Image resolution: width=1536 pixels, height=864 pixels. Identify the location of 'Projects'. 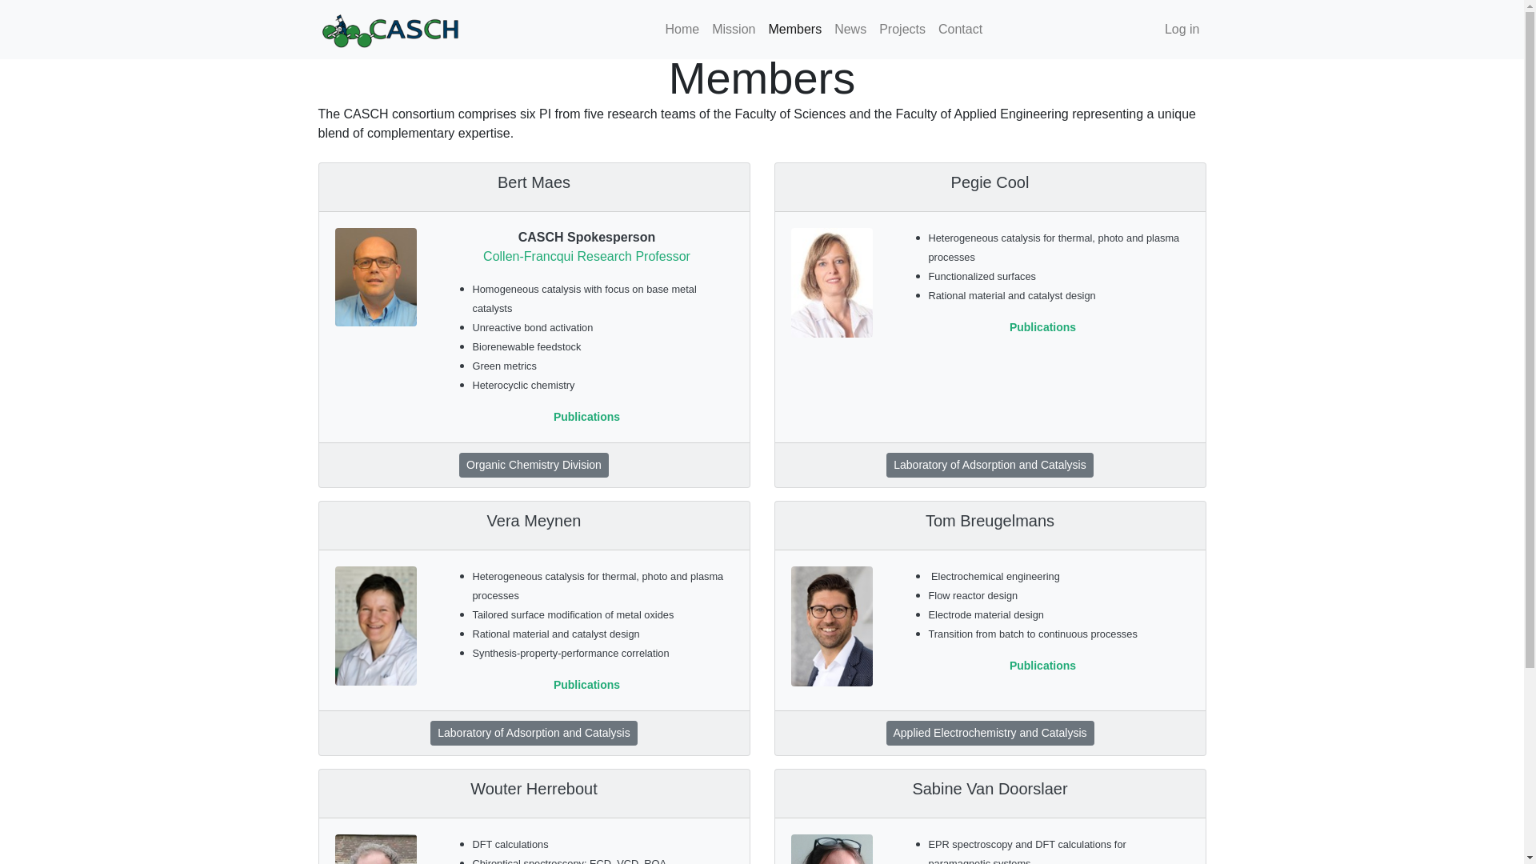
(902, 30).